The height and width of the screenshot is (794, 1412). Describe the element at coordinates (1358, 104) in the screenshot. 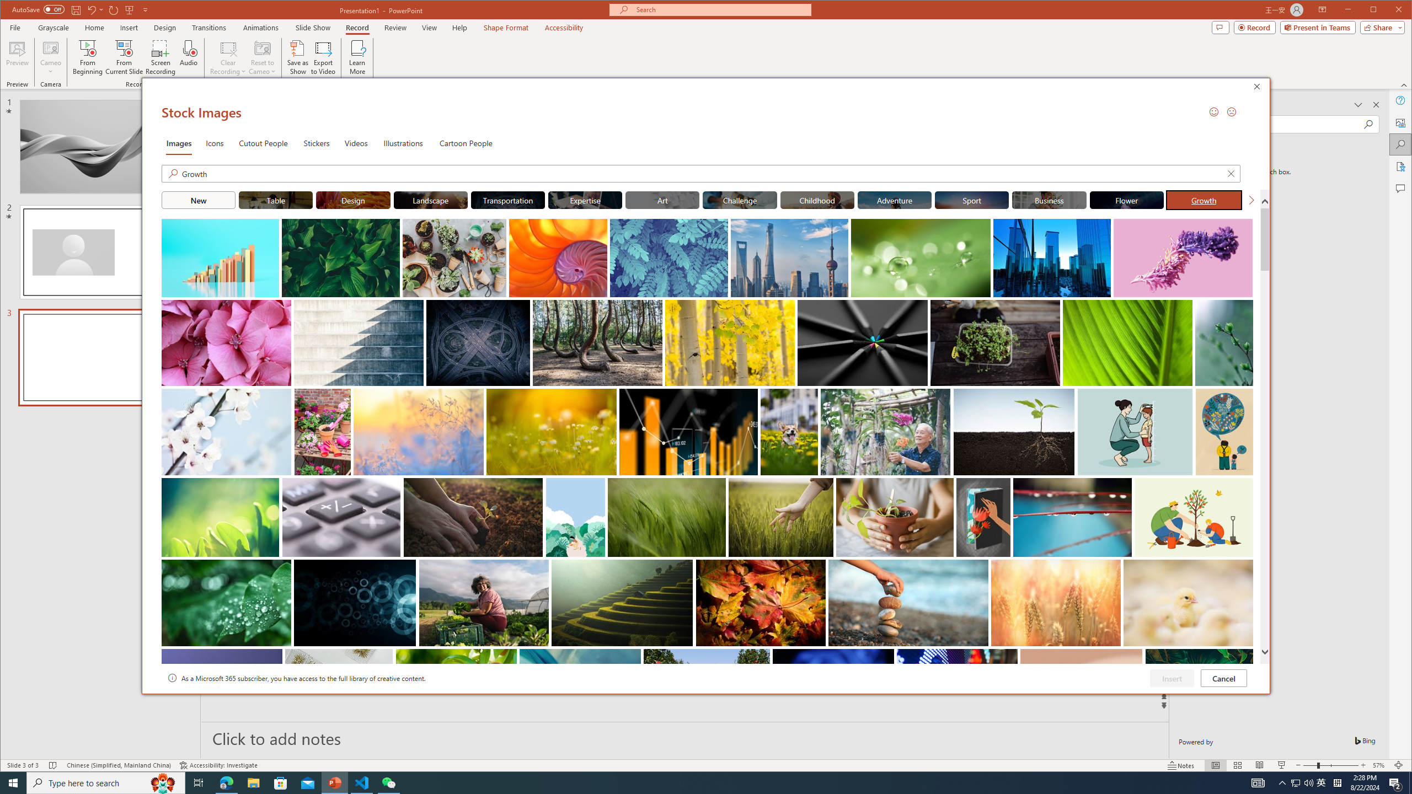

I see `'Task Pane Options'` at that location.